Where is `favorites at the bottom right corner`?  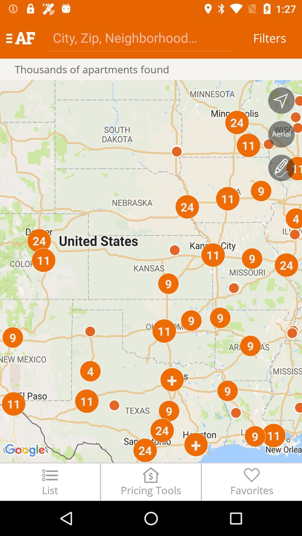 favorites at the bottom right corner is located at coordinates (252, 482).